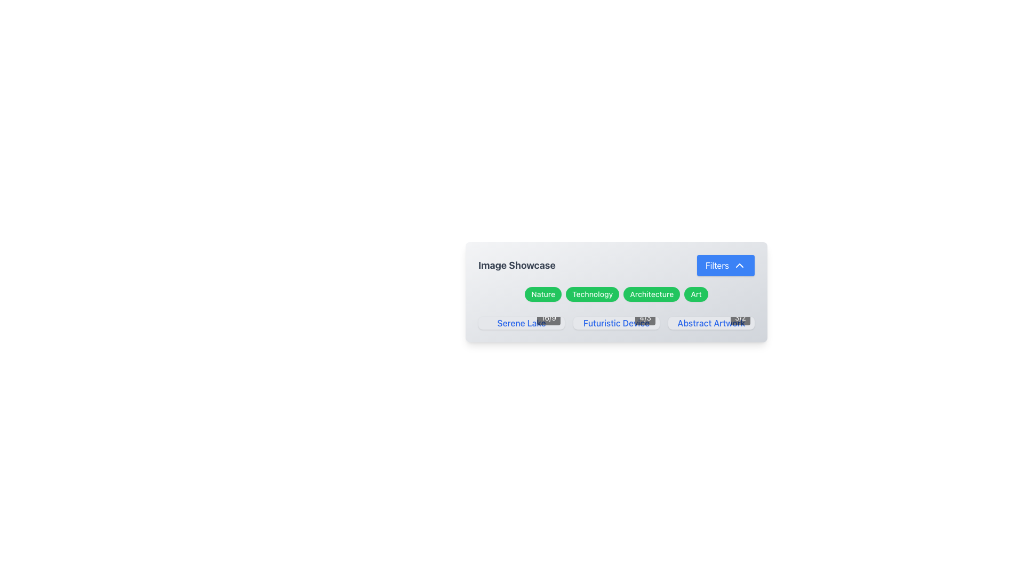  What do you see at coordinates (617, 322) in the screenshot?
I see `the second card in the gallery` at bounding box center [617, 322].